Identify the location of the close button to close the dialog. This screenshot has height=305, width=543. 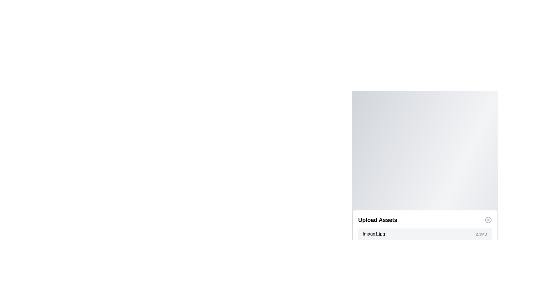
(488, 220).